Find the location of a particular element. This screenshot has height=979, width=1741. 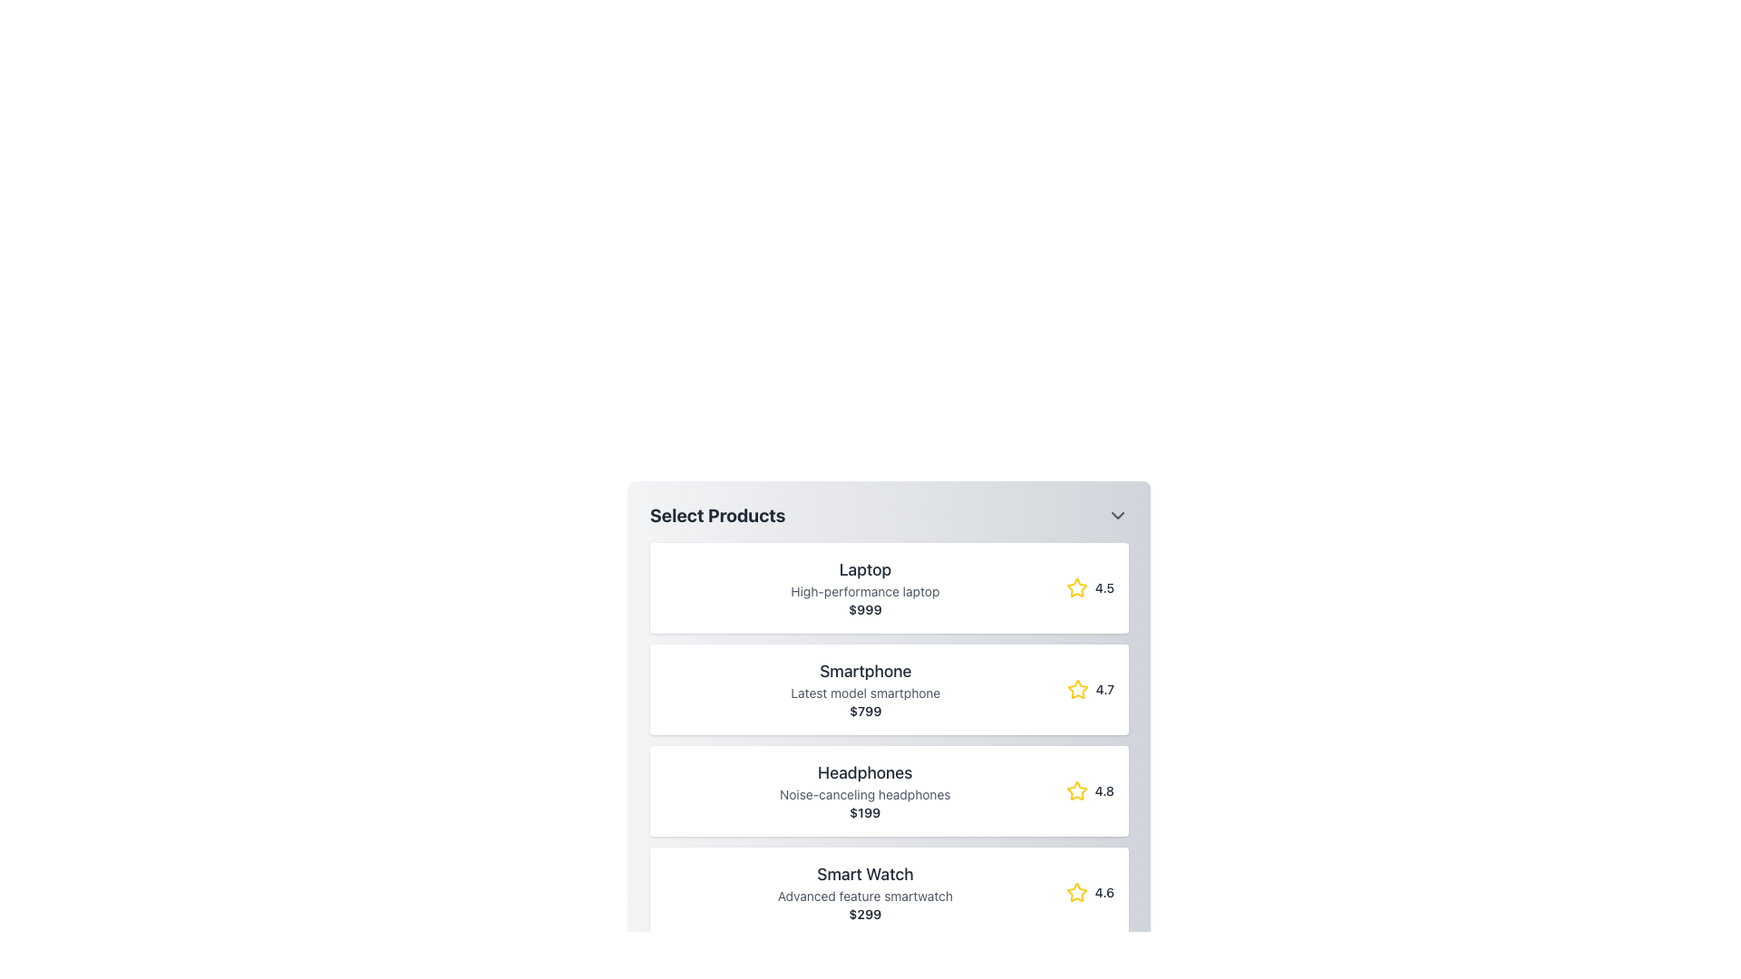

the Rating display component for the 'Smart Watch' product, which features a yellow star icon and a rating value of '4.6' is located at coordinates (1089, 891).